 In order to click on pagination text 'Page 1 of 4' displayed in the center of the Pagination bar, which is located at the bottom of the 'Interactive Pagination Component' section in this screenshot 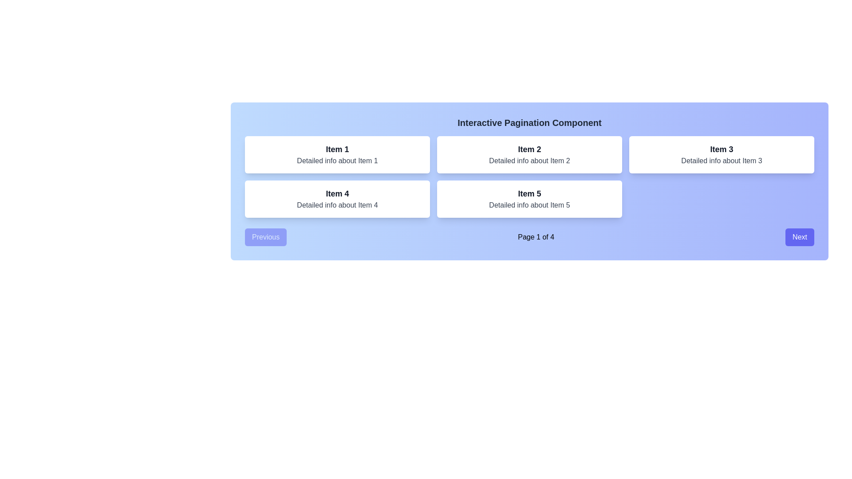, I will do `click(529, 237)`.